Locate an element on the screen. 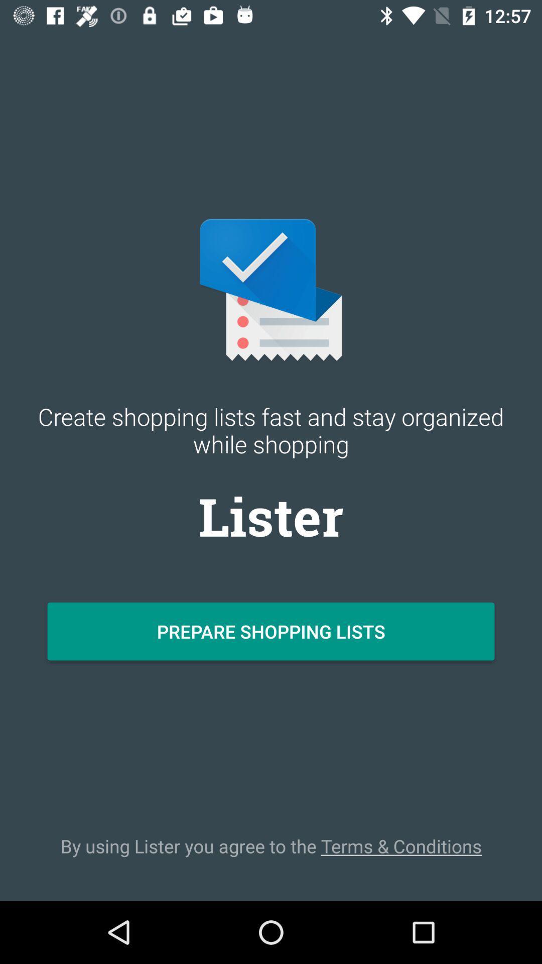 This screenshot has width=542, height=964. the icon below prepare shopping lists is located at coordinates (271, 846).